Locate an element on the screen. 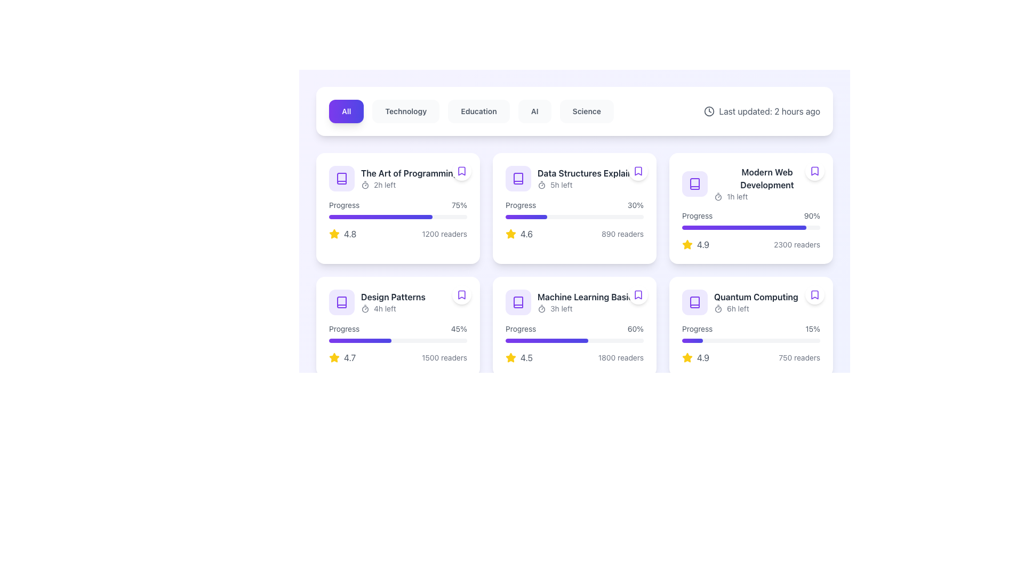 This screenshot has width=1024, height=576. the book icon located at the top-left corner of the card titled 'The Art of Programming', which is displayed on a square violet background is located at coordinates (342, 178).